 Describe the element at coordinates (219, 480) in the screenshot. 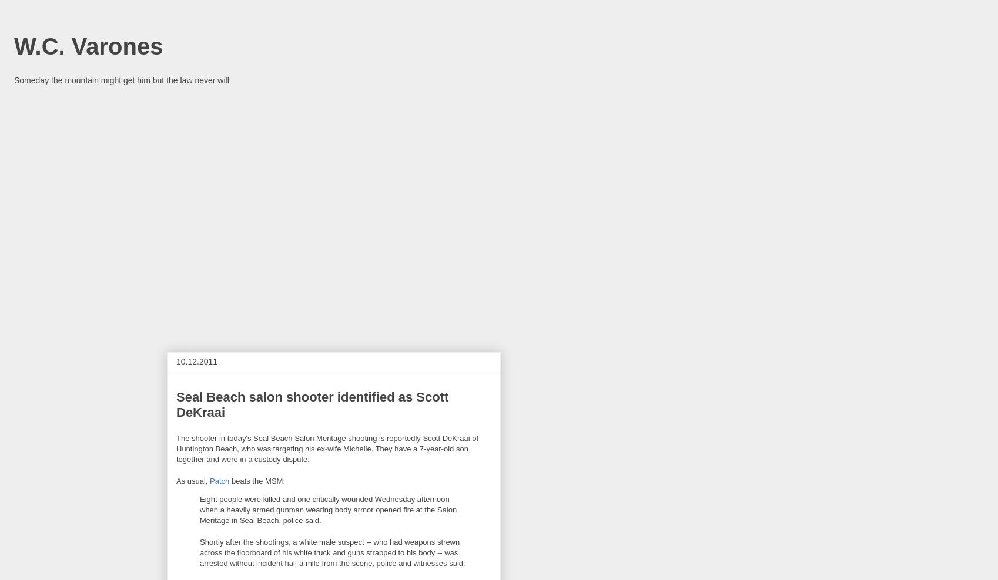

I see `'Patch'` at that location.